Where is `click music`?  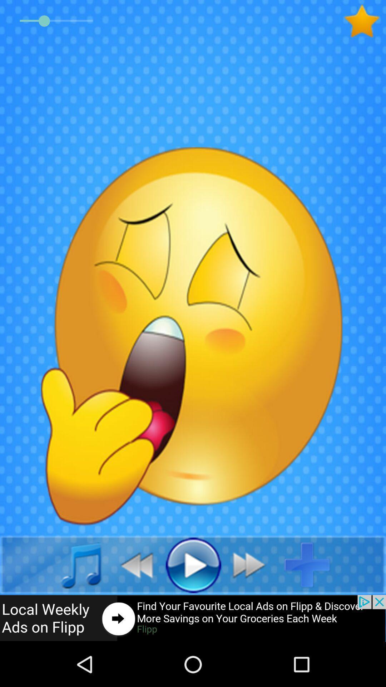
click music is located at coordinates (73, 564).